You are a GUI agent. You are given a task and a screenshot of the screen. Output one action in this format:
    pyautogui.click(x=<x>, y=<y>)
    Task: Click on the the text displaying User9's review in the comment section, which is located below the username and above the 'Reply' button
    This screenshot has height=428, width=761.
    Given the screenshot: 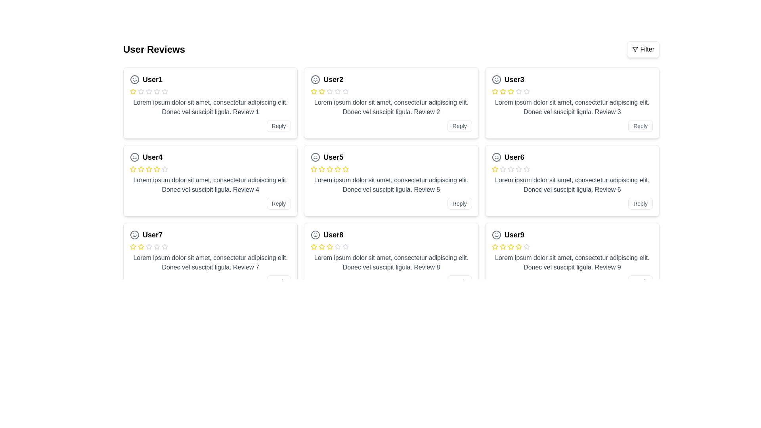 What is the action you would take?
    pyautogui.click(x=572, y=263)
    